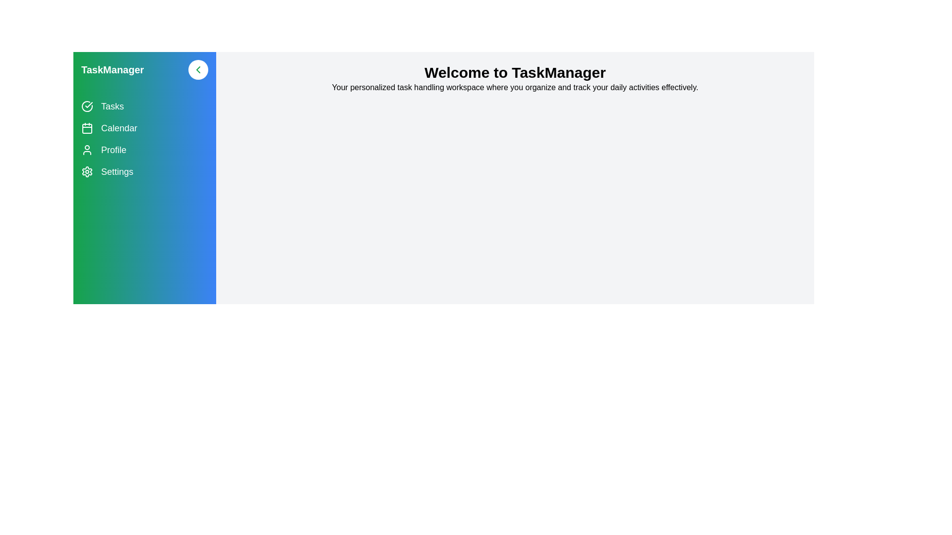 The width and height of the screenshot is (952, 535). What do you see at coordinates (515, 72) in the screenshot?
I see `the 'Welcome to TaskManager' text to copy it` at bounding box center [515, 72].